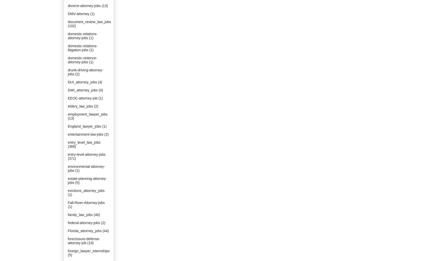 This screenshot has width=427, height=261. I want to click on 'eldery_law_jobs', so click(80, 106).